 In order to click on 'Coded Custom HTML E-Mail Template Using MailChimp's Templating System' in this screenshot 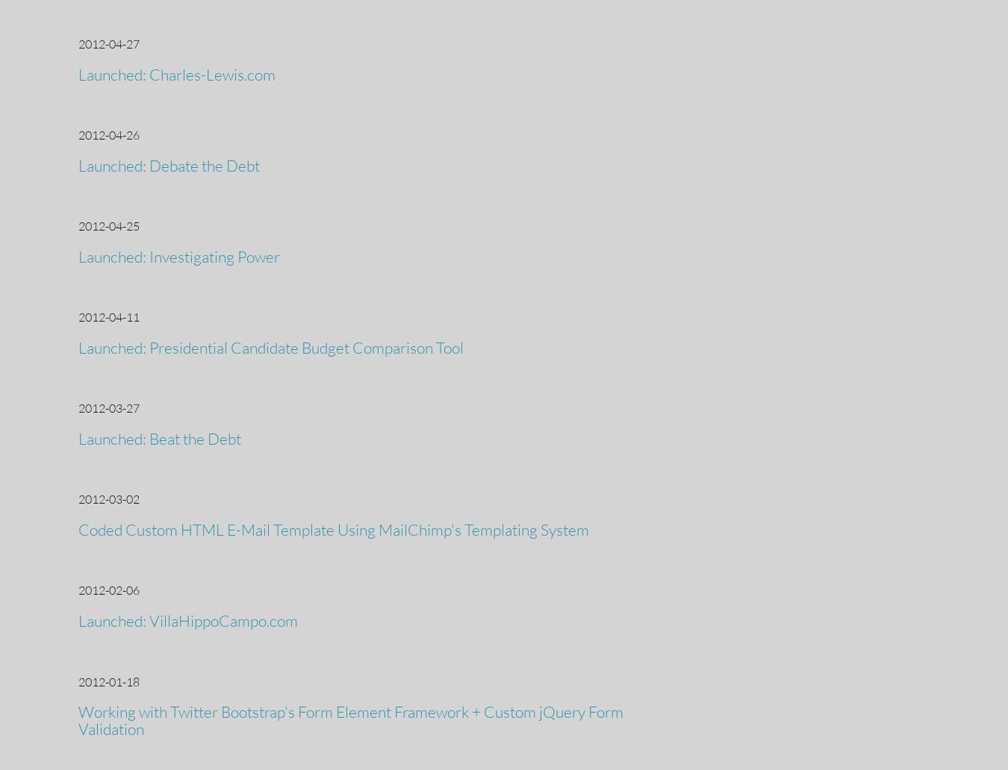, I will do `click(333, 529)`.